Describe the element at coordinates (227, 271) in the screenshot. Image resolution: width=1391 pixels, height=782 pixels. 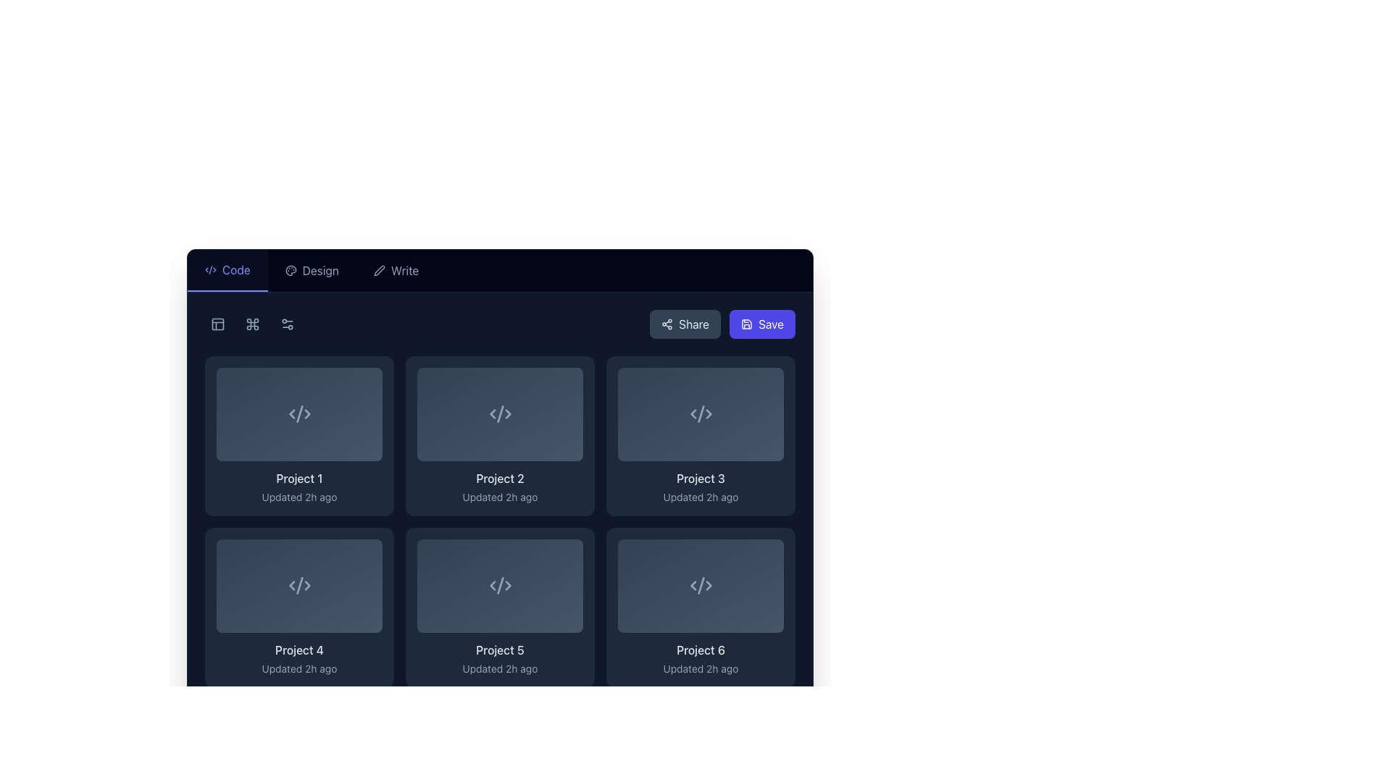
I see `the first tab labeled 'Code' in the tab navigation bar` at that location.